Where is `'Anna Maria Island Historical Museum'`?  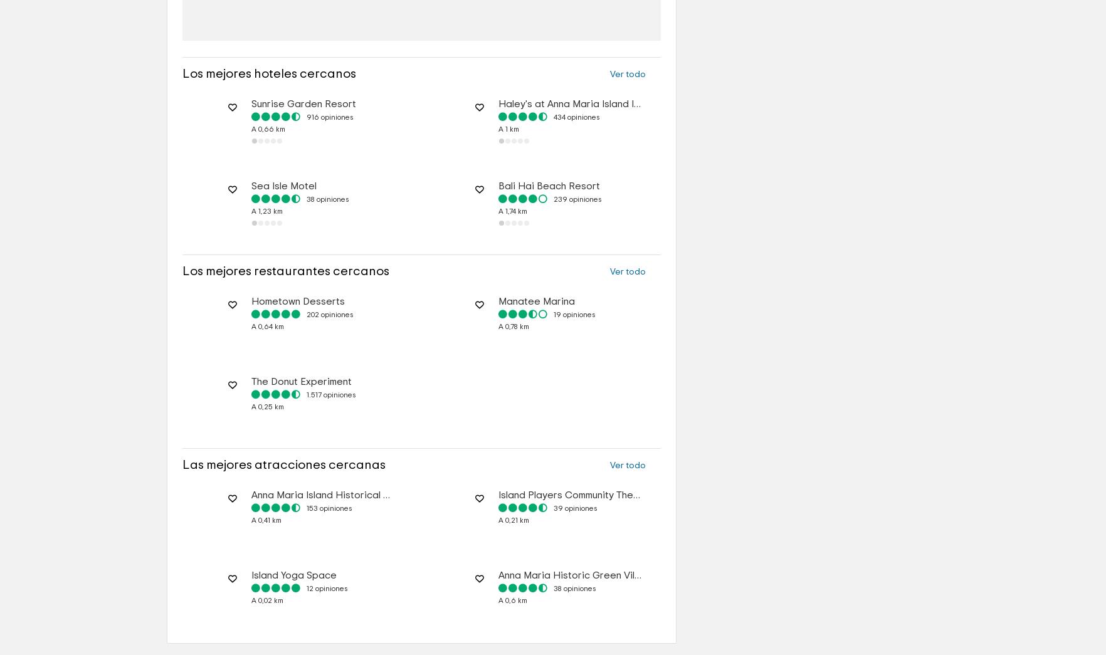
'Anna Maria Island Historical Museum' is located at coordinates (335, 532).